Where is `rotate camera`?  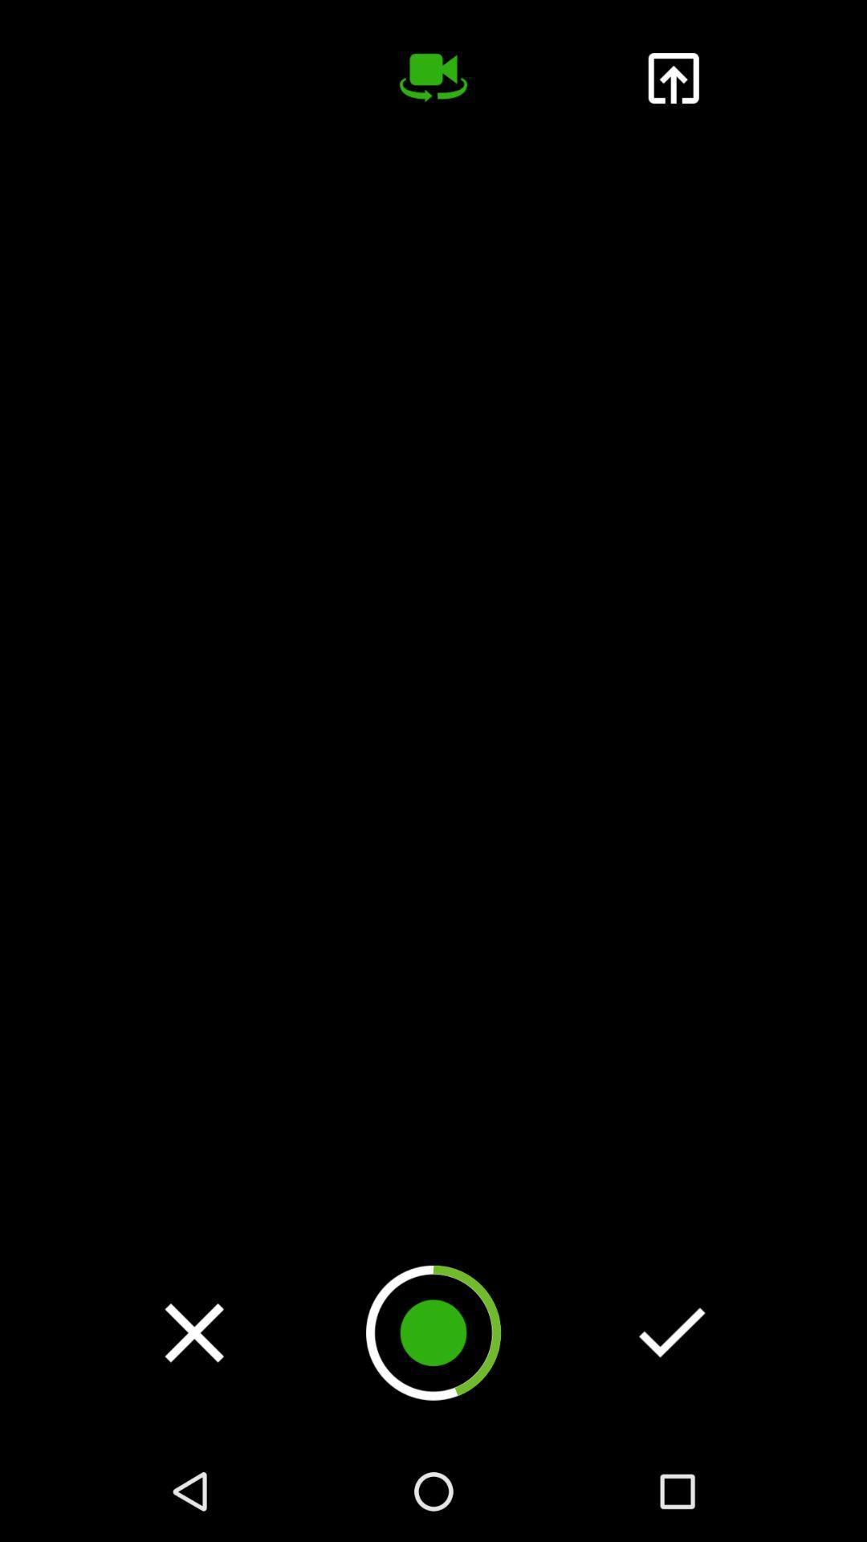
rotate camera is located at coordinates (433, 77).